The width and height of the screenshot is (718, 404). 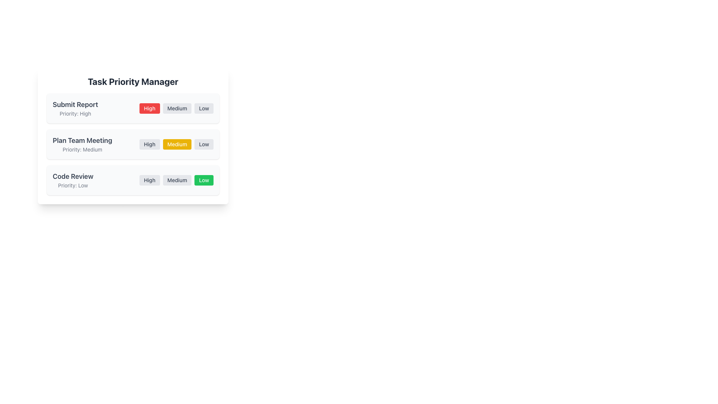 What do you see at coordinates (177, 108) in the screenshot?
I see `the 'Medium' priority button located in the 'Submit Report' row under the 'Task Priority Manager' heading` at bounding box center [177, 108].